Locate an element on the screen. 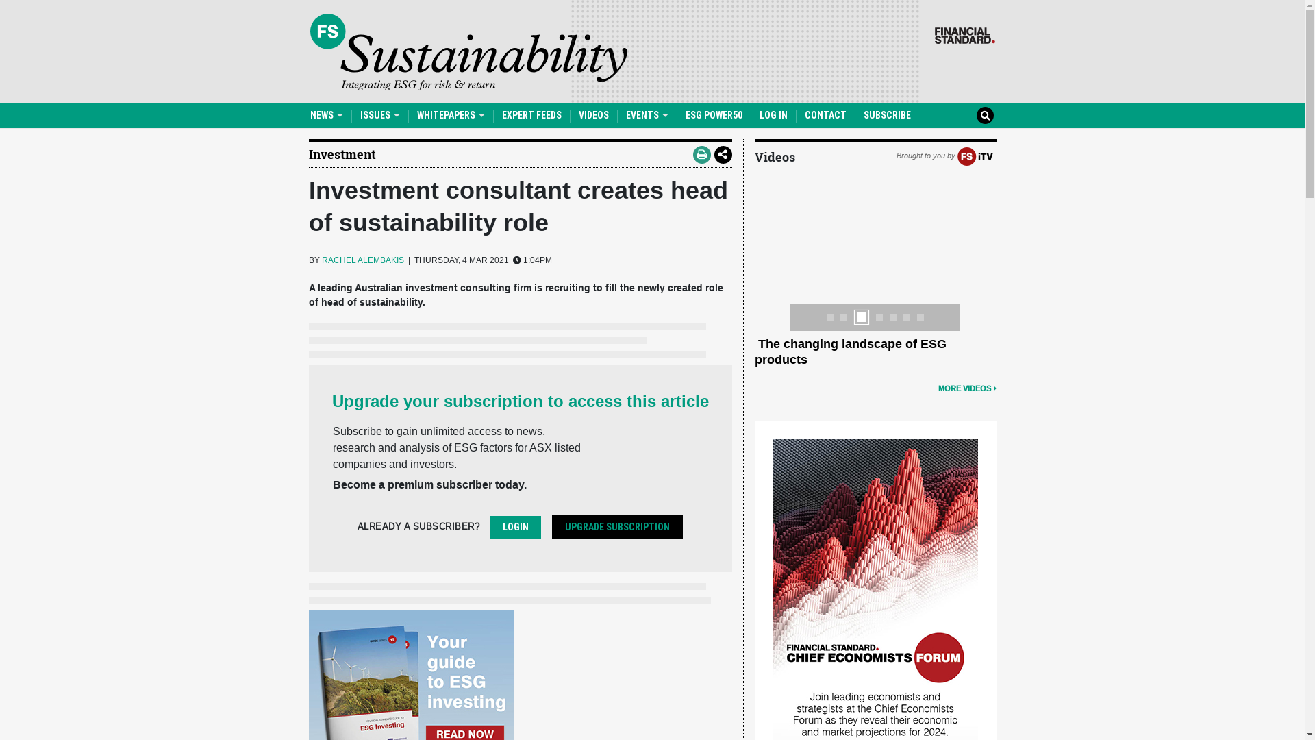  'UPGRADE SUBSCRIPTION' is located at coordinates (616, 526).